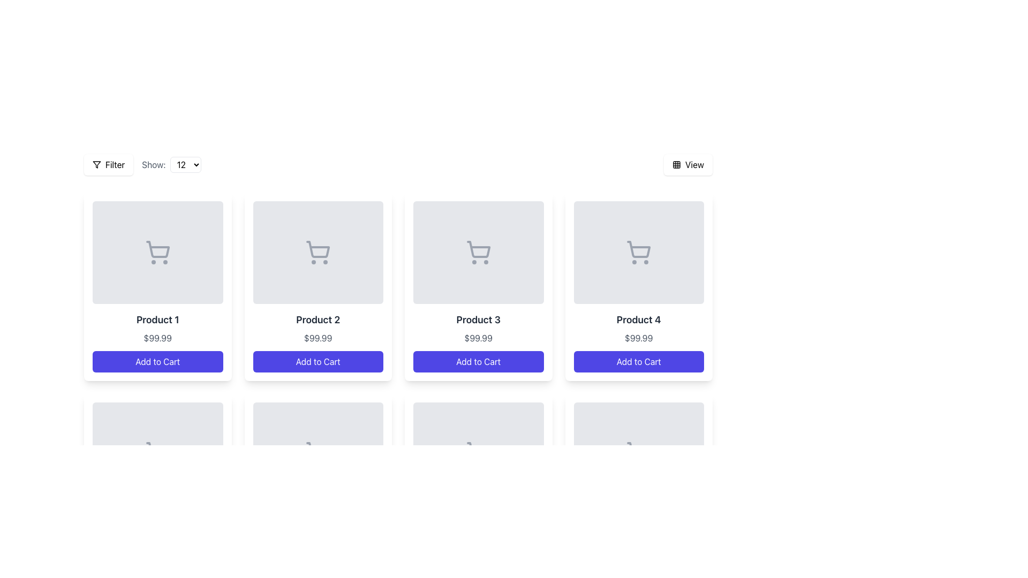  I want to click on the Text Label displaying the product name in the first row and second column of the product grid, located above the price ('$99.99'), so click(318, 319).